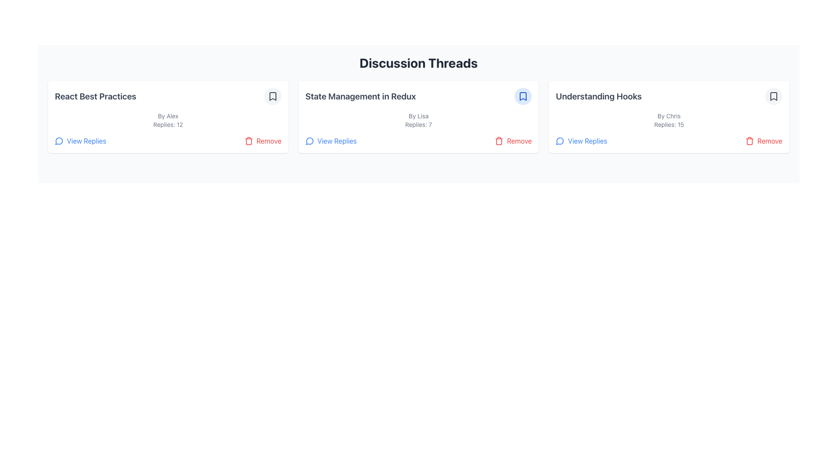 The width and height of the screenshot is (824, 463). I want to click on text label that titles the discussion thread located at the top-left of the first item in the discussion card list, above 'By Alex' and 'Replies: 12', so click(95, 96).